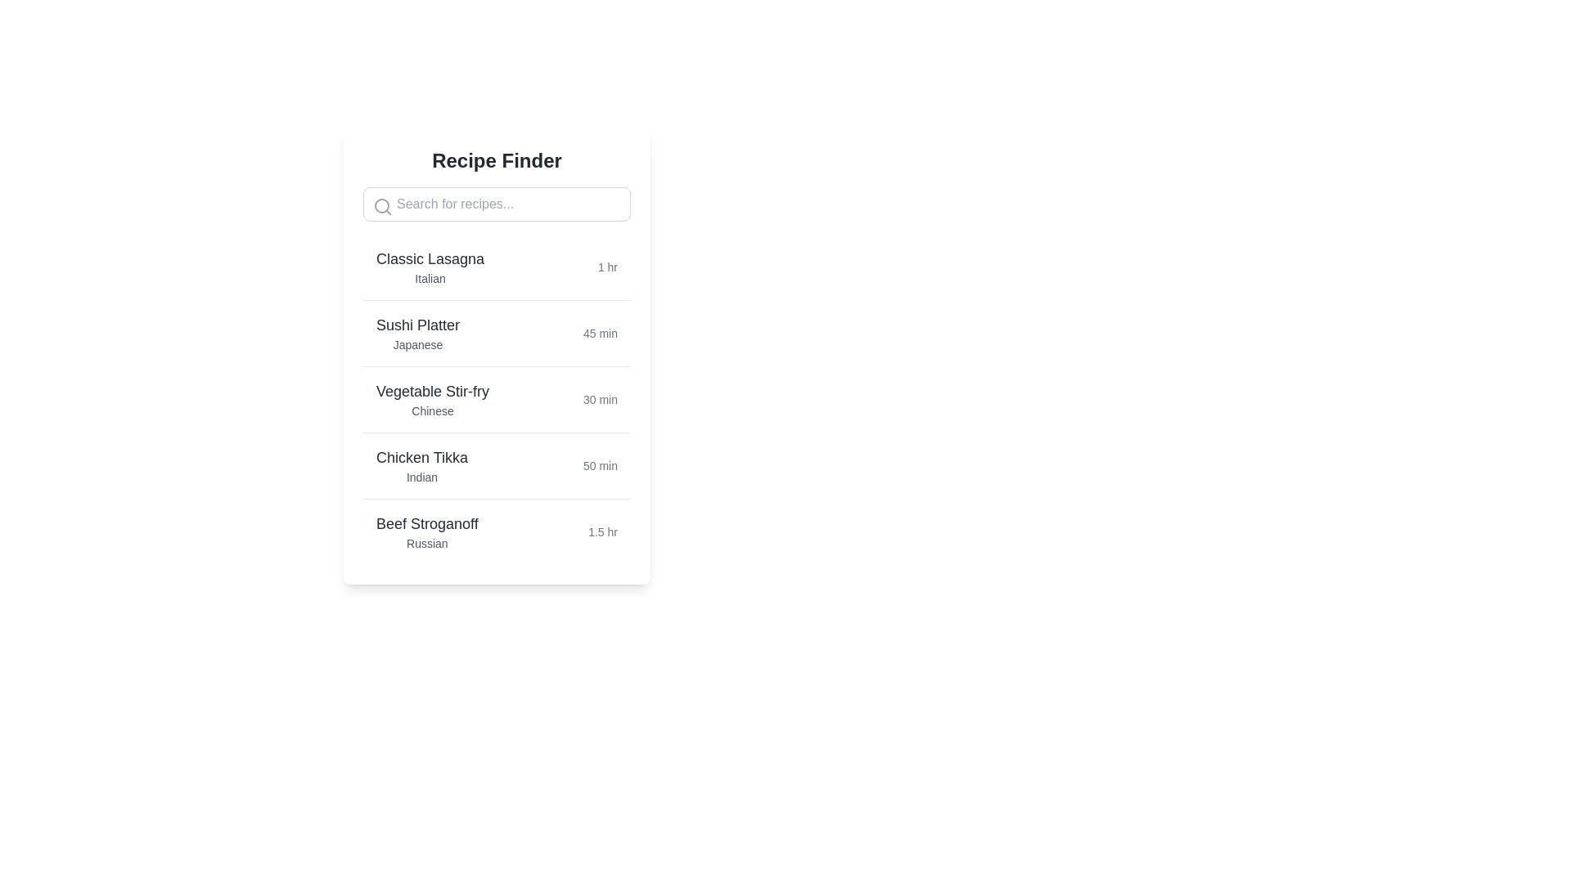 The image size is (1571, 883). Describe the element at coordinates (430, 258) in the screenshot. I see `the 'Classic Lasagna' text label, which is styled in a larger font size and dark gray color, serving as the title for the first entry in the recipe list` at that location.